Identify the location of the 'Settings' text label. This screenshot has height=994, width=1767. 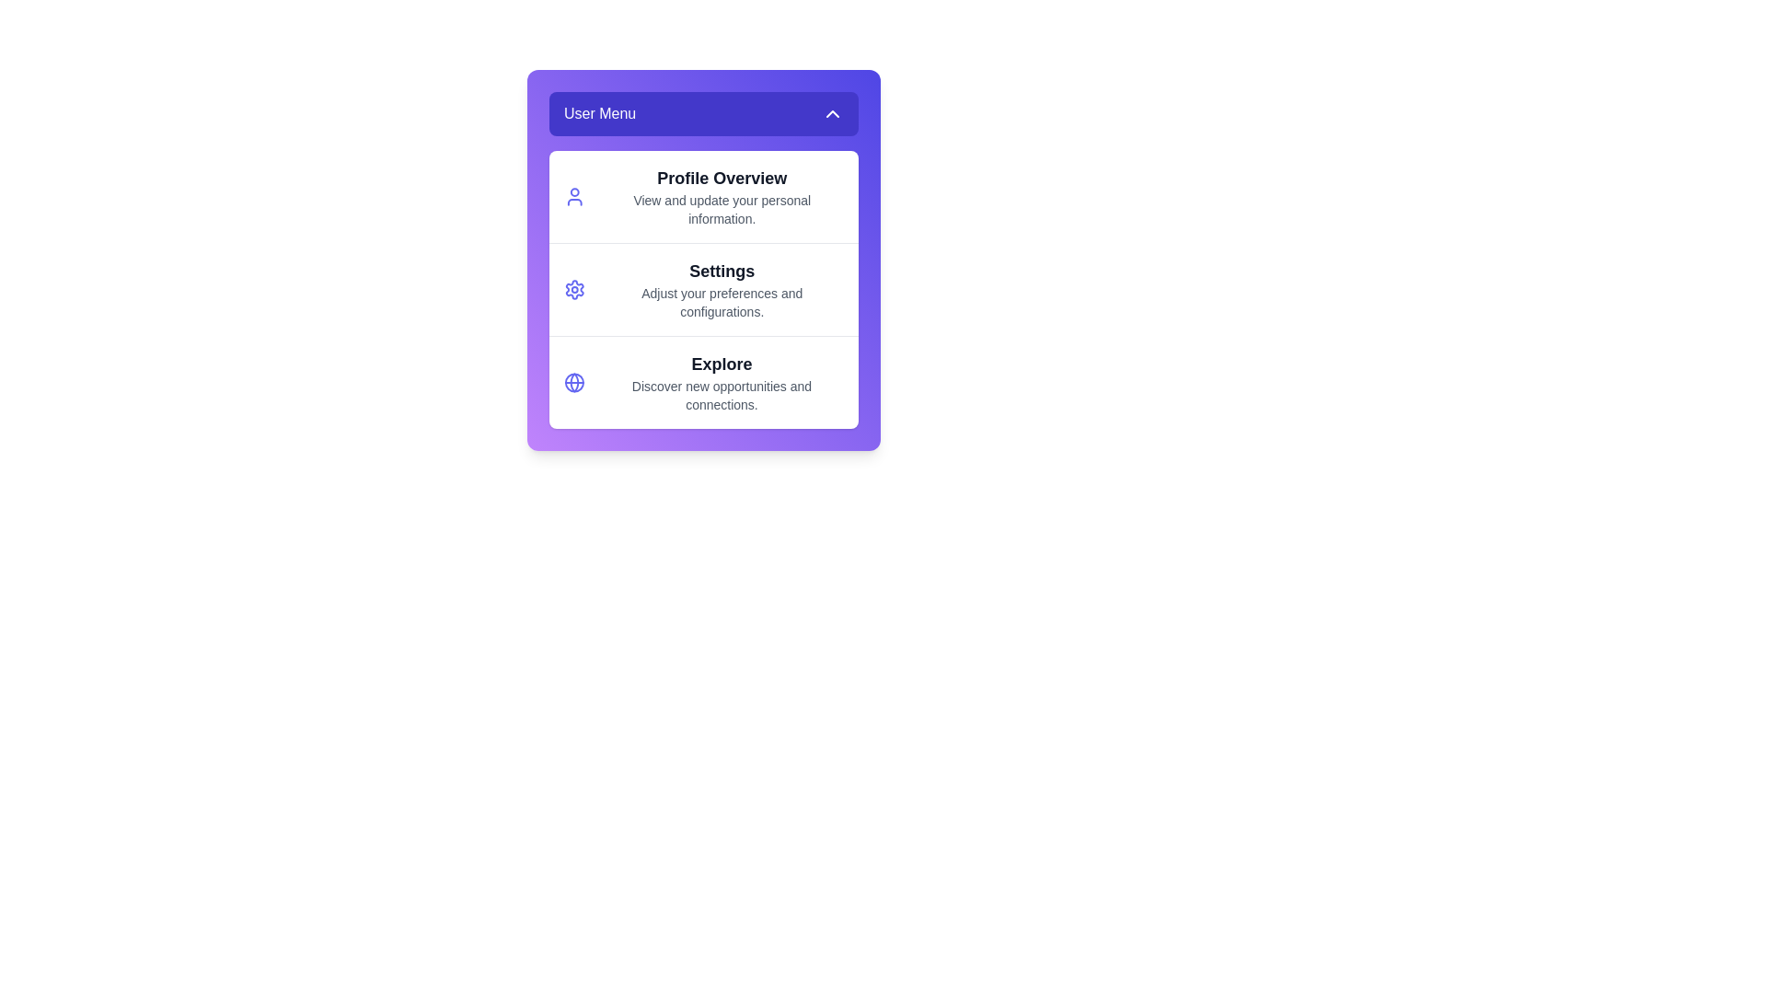
(721, 271).